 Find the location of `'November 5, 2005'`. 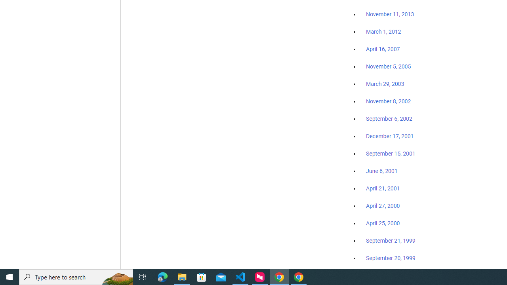

'November 5, 2005' is located at coordinates (389, 66).